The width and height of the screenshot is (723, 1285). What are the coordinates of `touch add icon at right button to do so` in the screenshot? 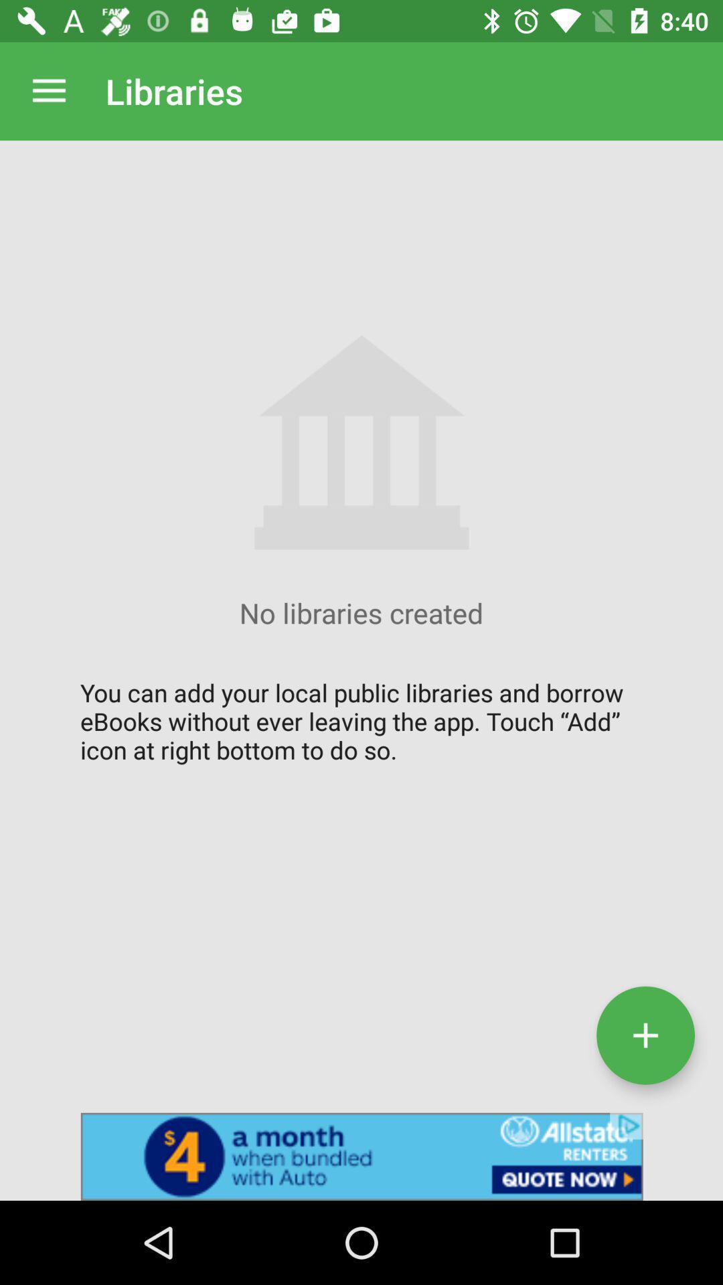 It's located at (645, 1035).